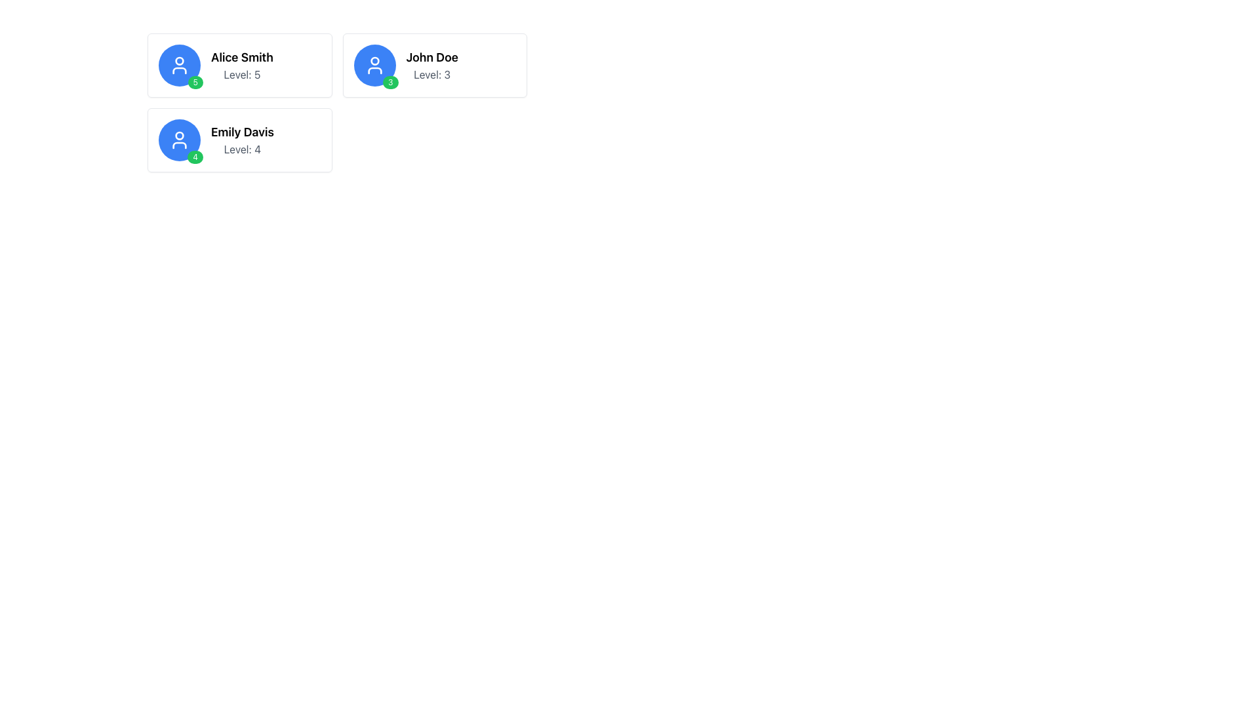 This screenshot has height=708, width=1259. Describe the element at coordinates (432, 66) in the screenshot. I see `text block displaying the name 'John Doe' and the level 'Level: 3' within the card layout, located at the top-right of the interface` at that location.